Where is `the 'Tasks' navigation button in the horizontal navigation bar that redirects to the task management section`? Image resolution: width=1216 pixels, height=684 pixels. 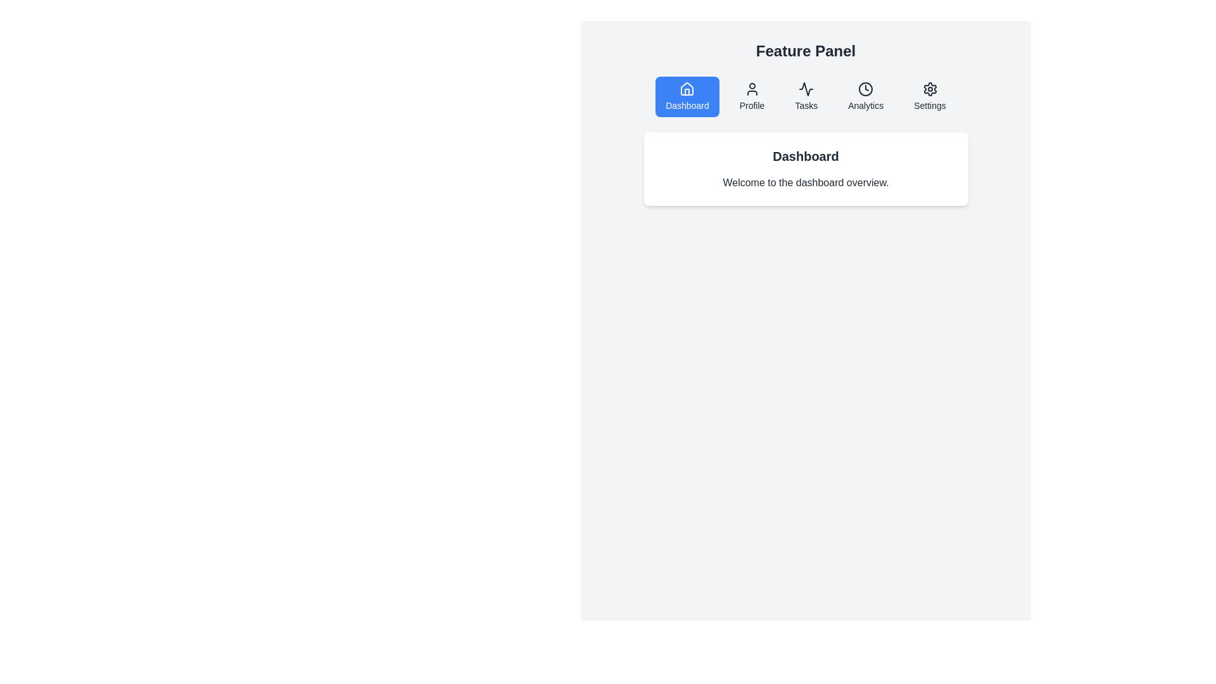
the 'Tasks' navigation button in the horizontal navigation bar that redirects to the task management section is located at coordinates (806, 96).